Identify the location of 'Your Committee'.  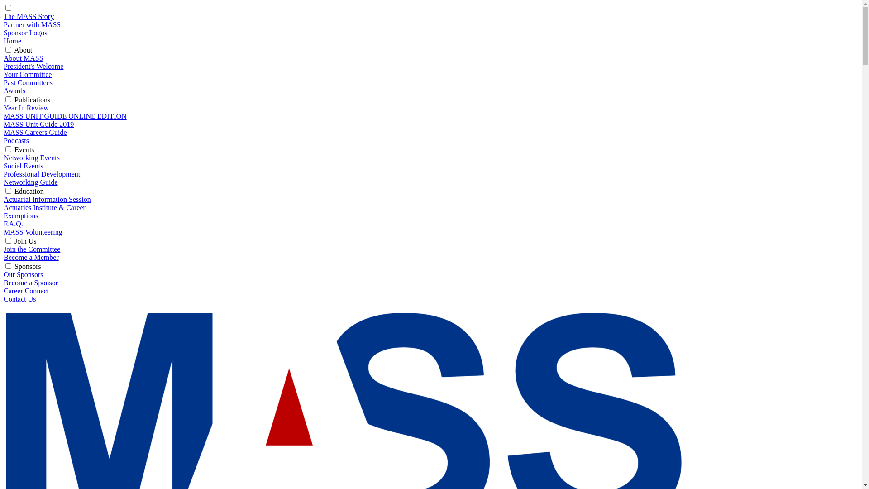
(28, 74).